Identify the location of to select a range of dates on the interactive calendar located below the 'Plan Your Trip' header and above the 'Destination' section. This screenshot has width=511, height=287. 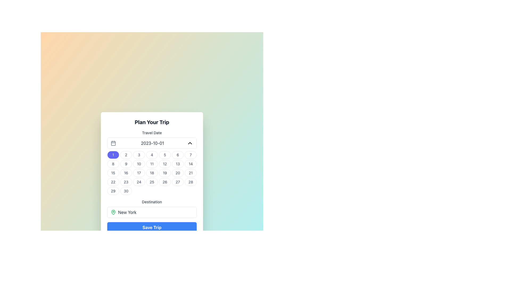
(152, 162).